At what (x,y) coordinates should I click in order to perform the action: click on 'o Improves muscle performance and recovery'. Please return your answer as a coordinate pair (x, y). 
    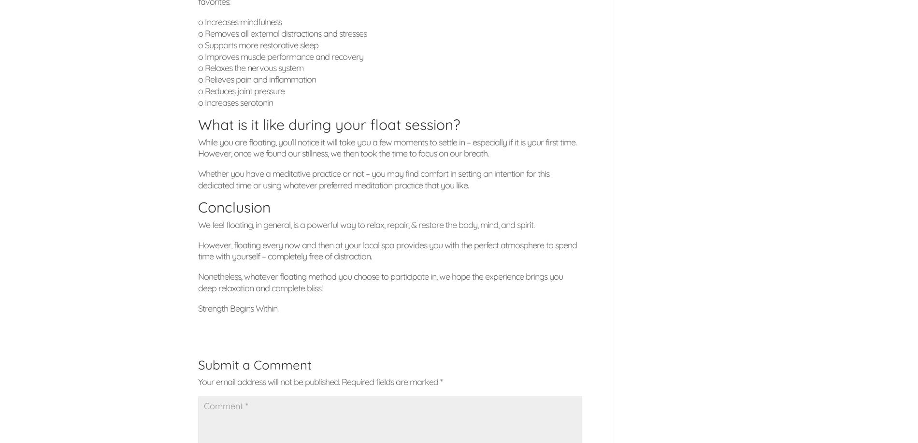
    Looking at the image, I should click on (281, 56).